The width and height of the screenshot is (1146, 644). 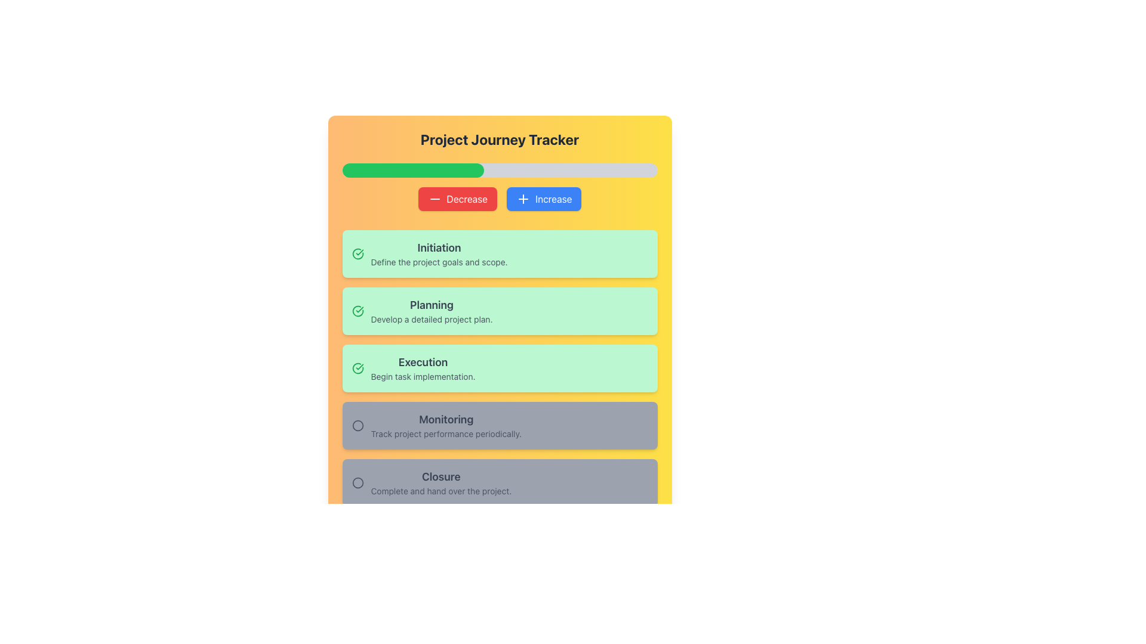 What do you see at coordinates (431, 310) in the screenshot?
I see `the text block labeled 'Planning' in the Project Journey Tracker section, which contains the description 'Develop a detailed project plan.'` at bounding box center [431, 310].